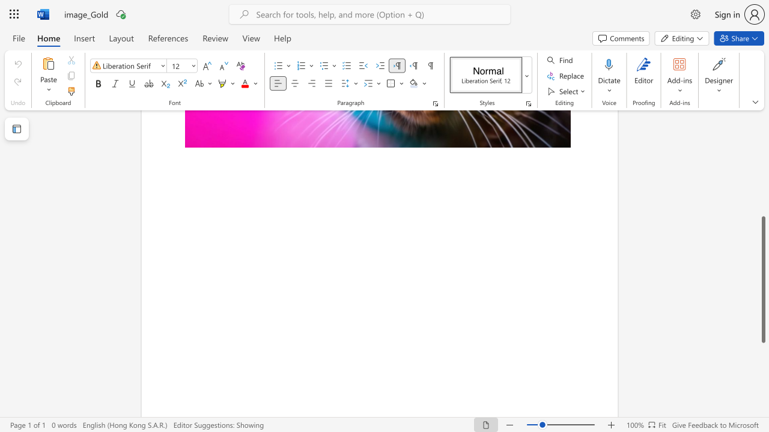 The image size is (769, 432). What do you see at coordinates (762, 280) in the screenshot?
I see `the scrollbar and move up 340 pixels` at bounding box center [762, 280].